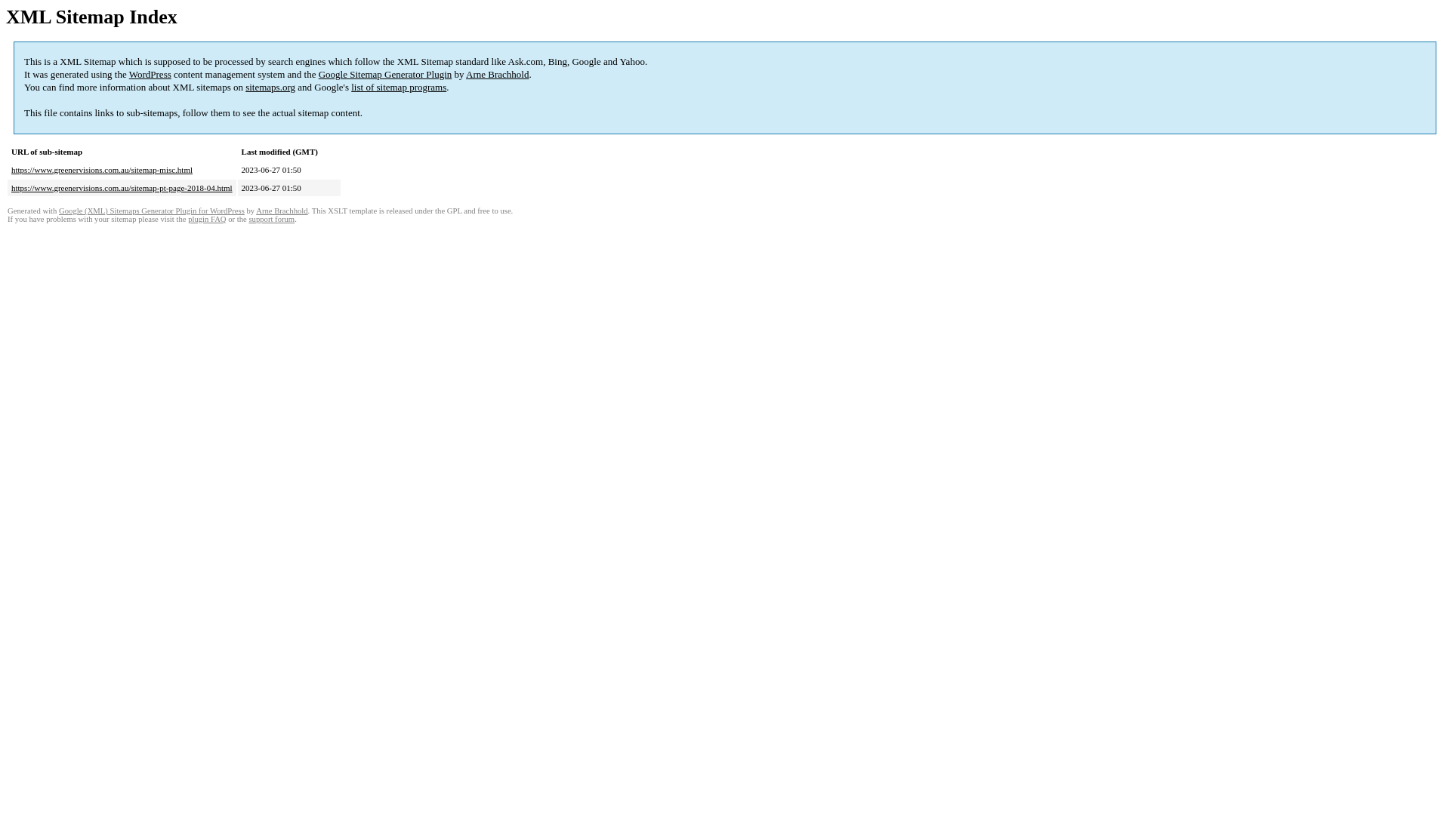 The image size is (1450, 815). Describe the element at coordinates (205, 219) in the screenshot. I see `'plugin FAQ'` at that location.